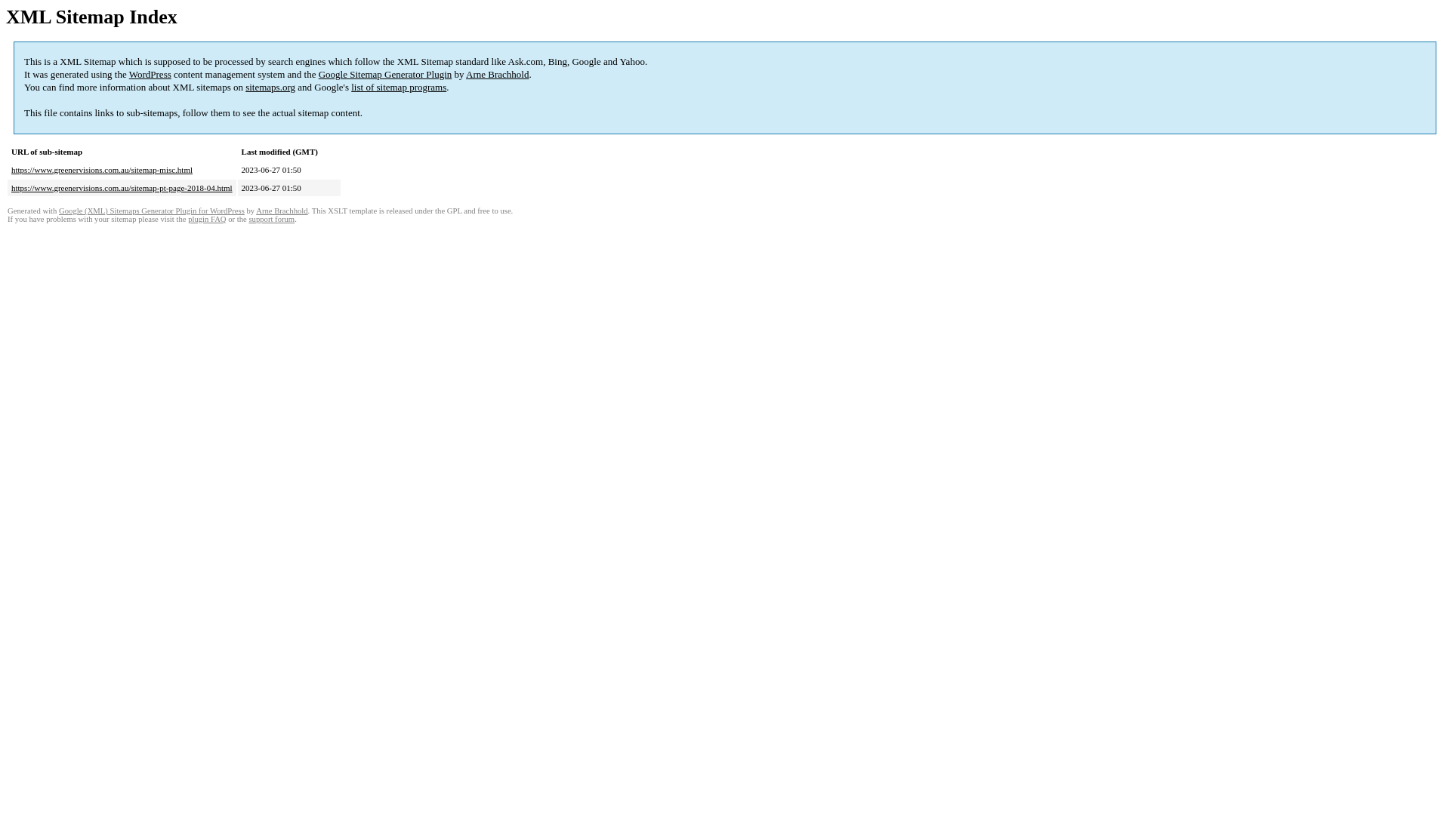 The image size is (1450, 815). Describe the element at coordinates (205, 219) in the screenshot. I see `'plugin FAQ'` at that location.